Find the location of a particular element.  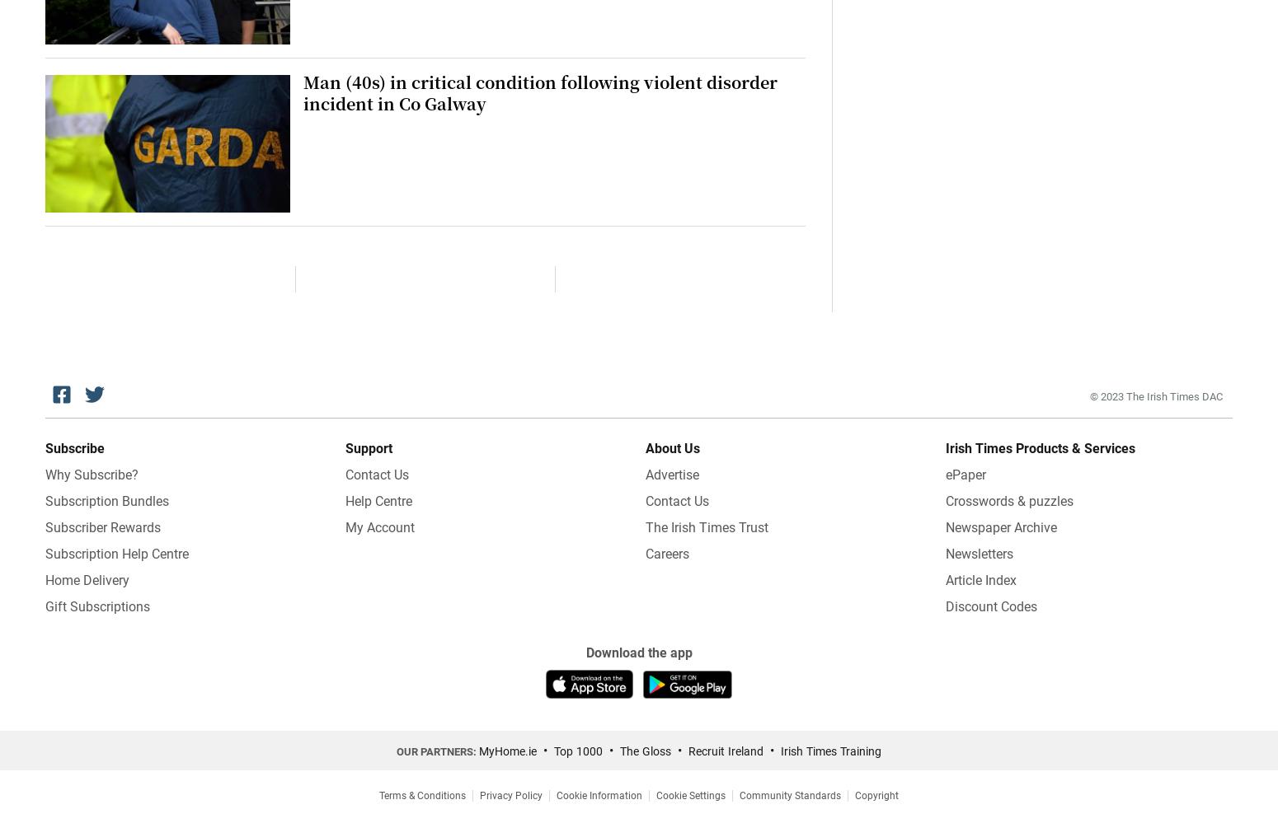

'My Account' is located at coordinates (379, 526).